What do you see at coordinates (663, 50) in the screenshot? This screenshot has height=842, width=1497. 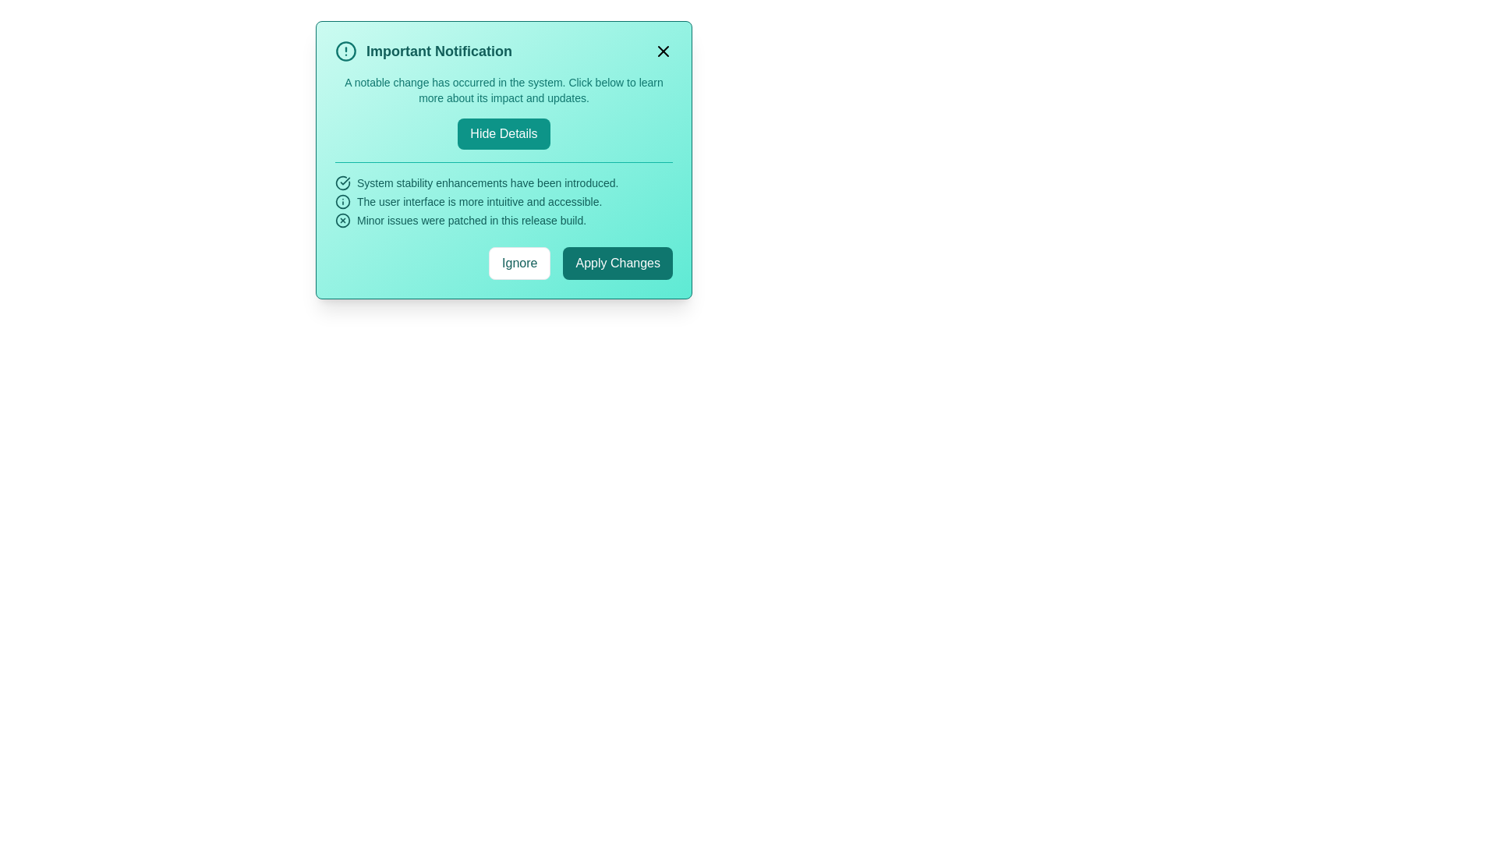 I see `the close button, which is a square-shaped icon with a black 'X' on a teal background, located at the top-right corner of the 'Important Notification' card` at bounding box center [663, 50].